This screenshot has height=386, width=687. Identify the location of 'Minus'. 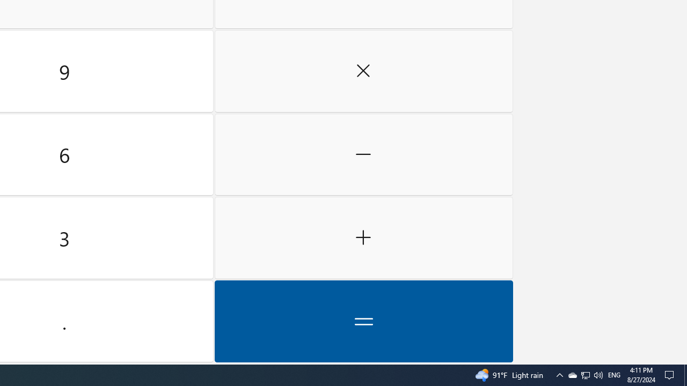
(363, 154).